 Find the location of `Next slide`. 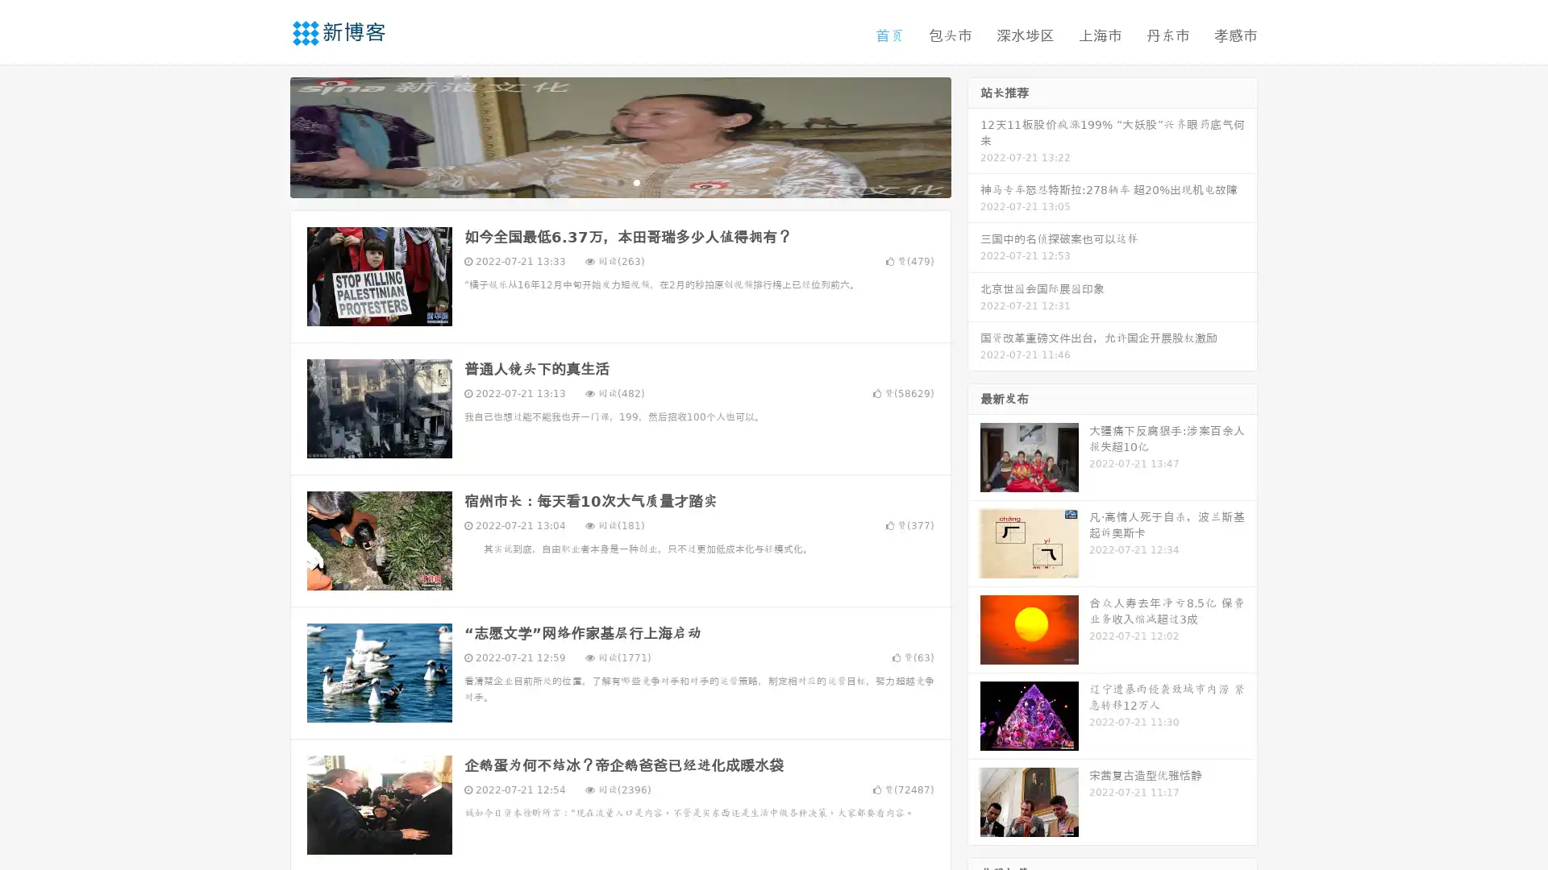

Next slide is located at coordinates (974, 135).